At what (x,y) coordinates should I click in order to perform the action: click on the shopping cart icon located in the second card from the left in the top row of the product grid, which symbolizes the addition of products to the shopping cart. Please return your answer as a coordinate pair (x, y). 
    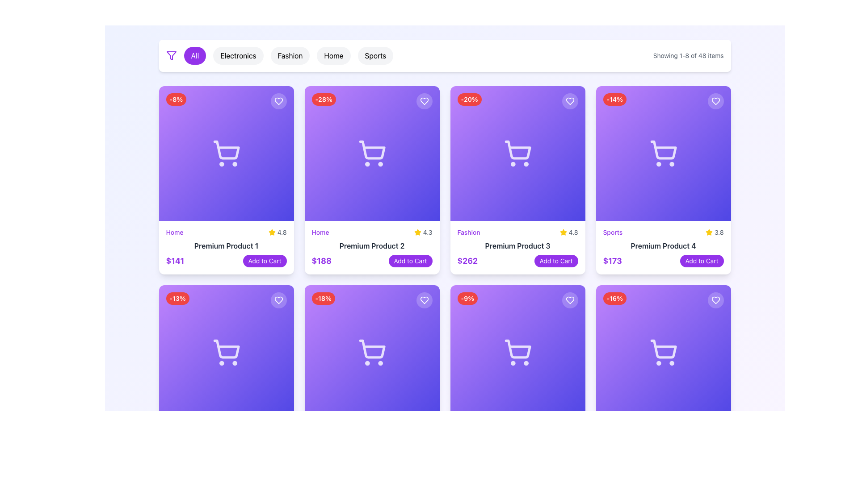
    Looking at the image, I should click on (372, 153).